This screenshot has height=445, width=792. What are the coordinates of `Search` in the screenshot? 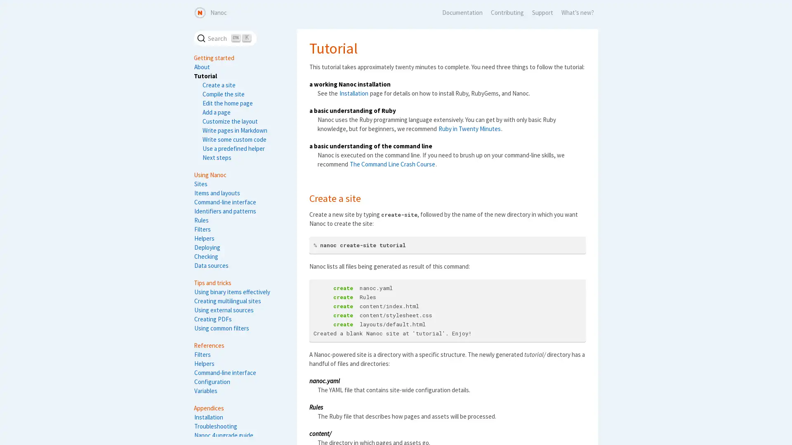 It's located at (225, 38).